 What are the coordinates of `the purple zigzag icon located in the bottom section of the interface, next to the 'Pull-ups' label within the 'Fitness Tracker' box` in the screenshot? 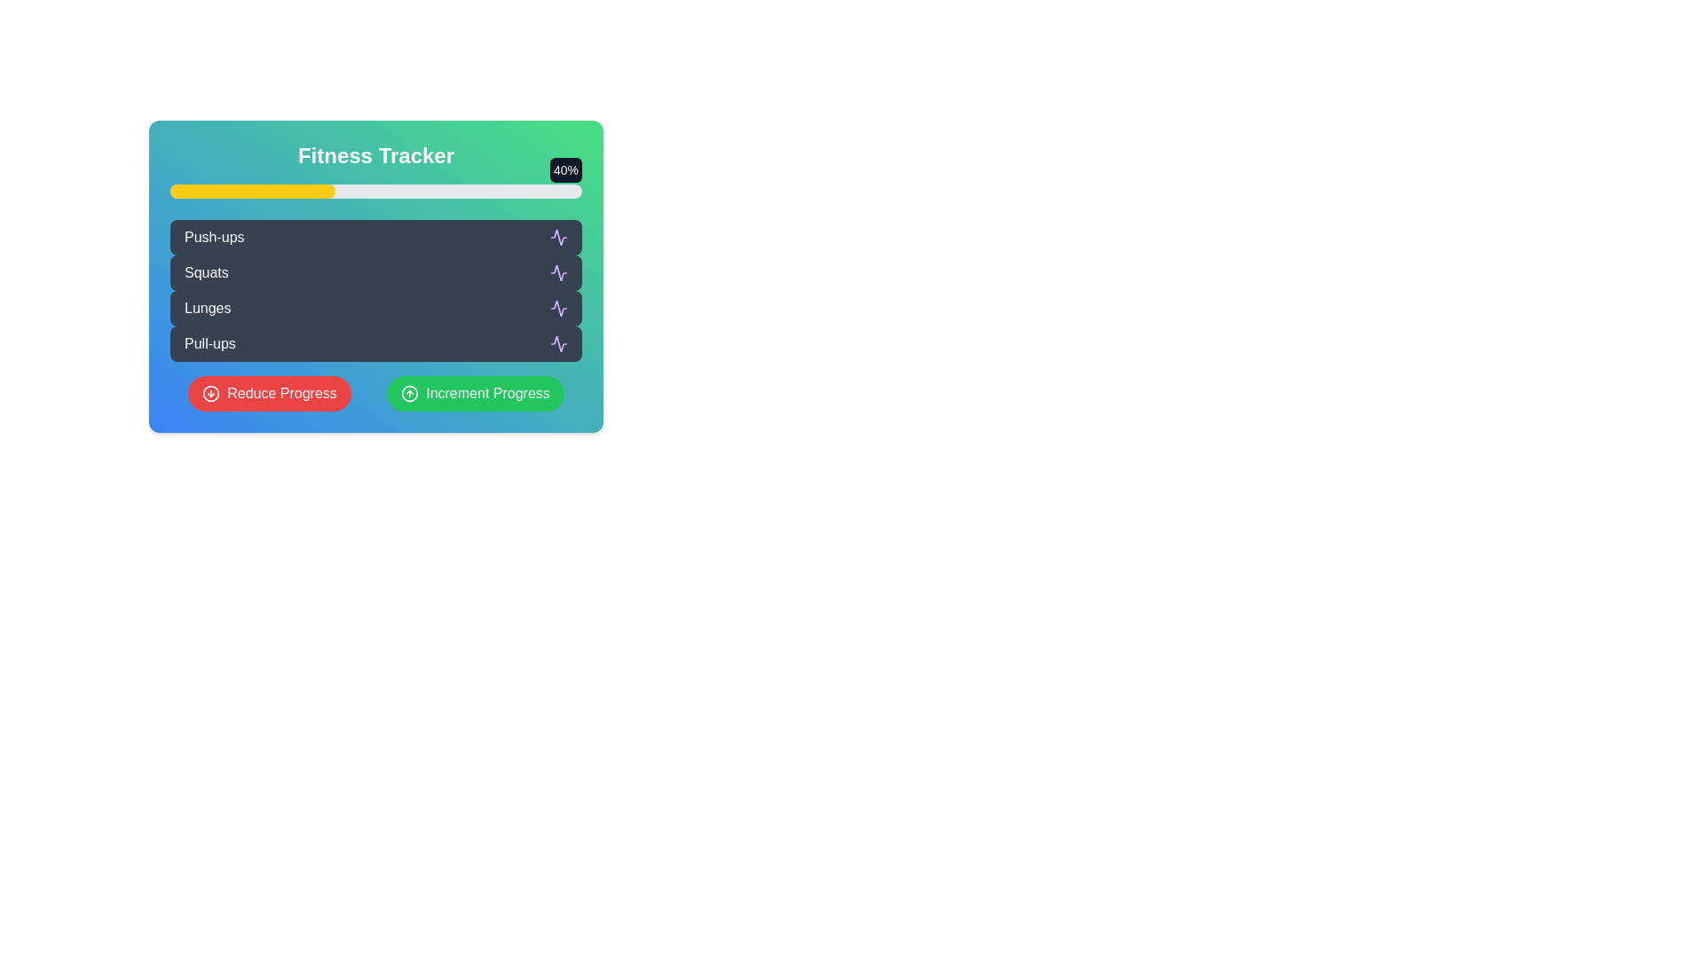 It's located at (557, 344).